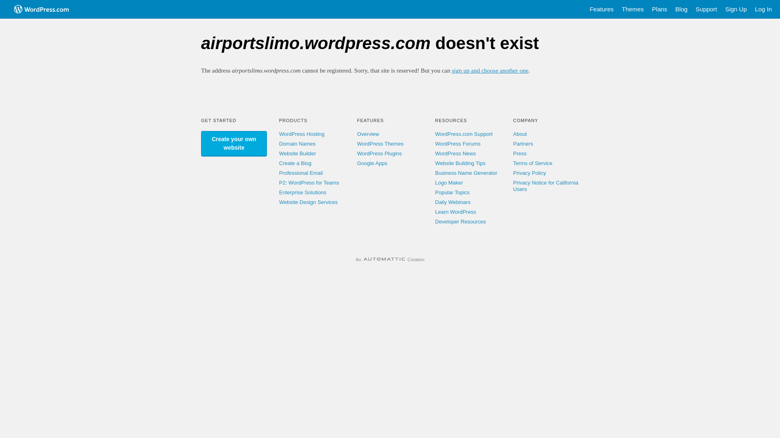 The height and width of the screenshot is (438, 780). I want to click on 'Developer Resources', so click(460, 221).